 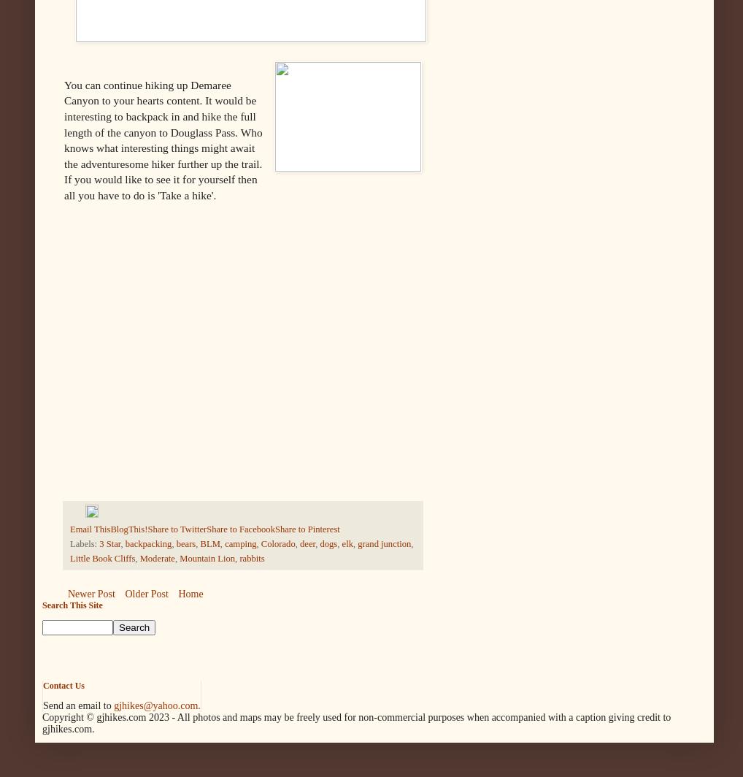 What do you see at coordinates (94, 717) in the screenshot?
I see `'Copyright © gjhikes.com'` at bounding box center [94, 717].